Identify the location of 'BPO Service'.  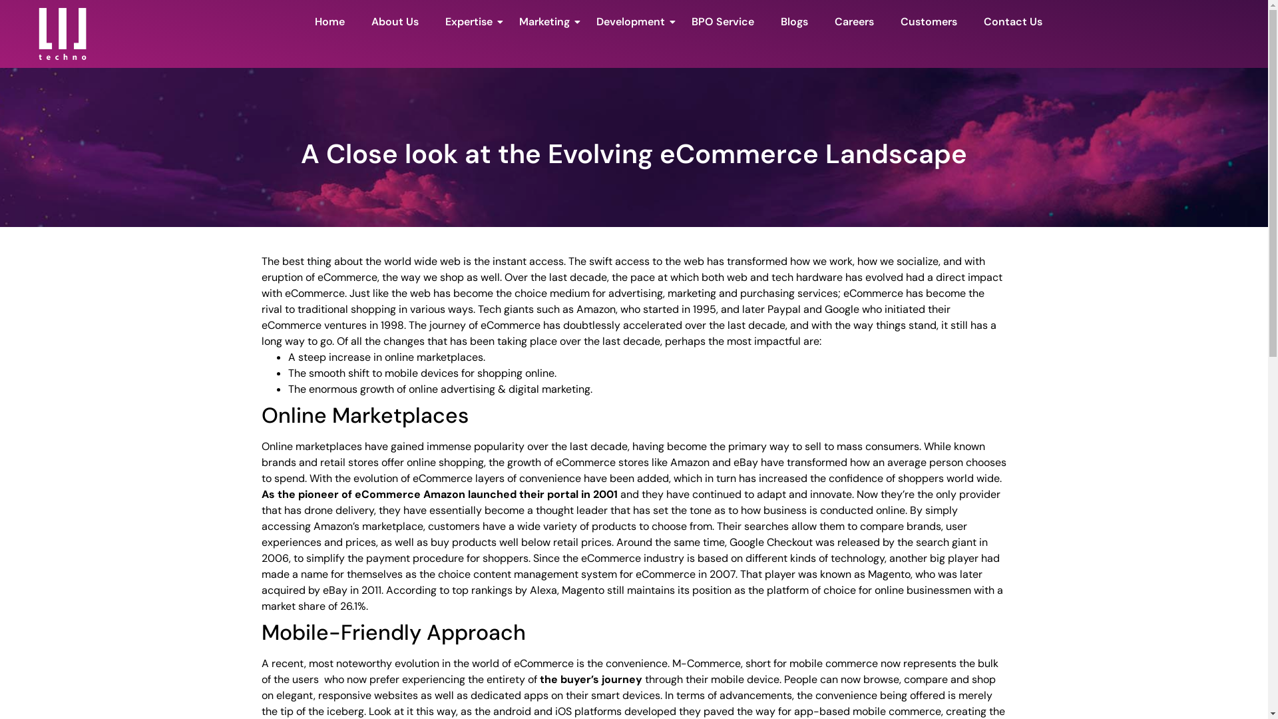
(722, 23).